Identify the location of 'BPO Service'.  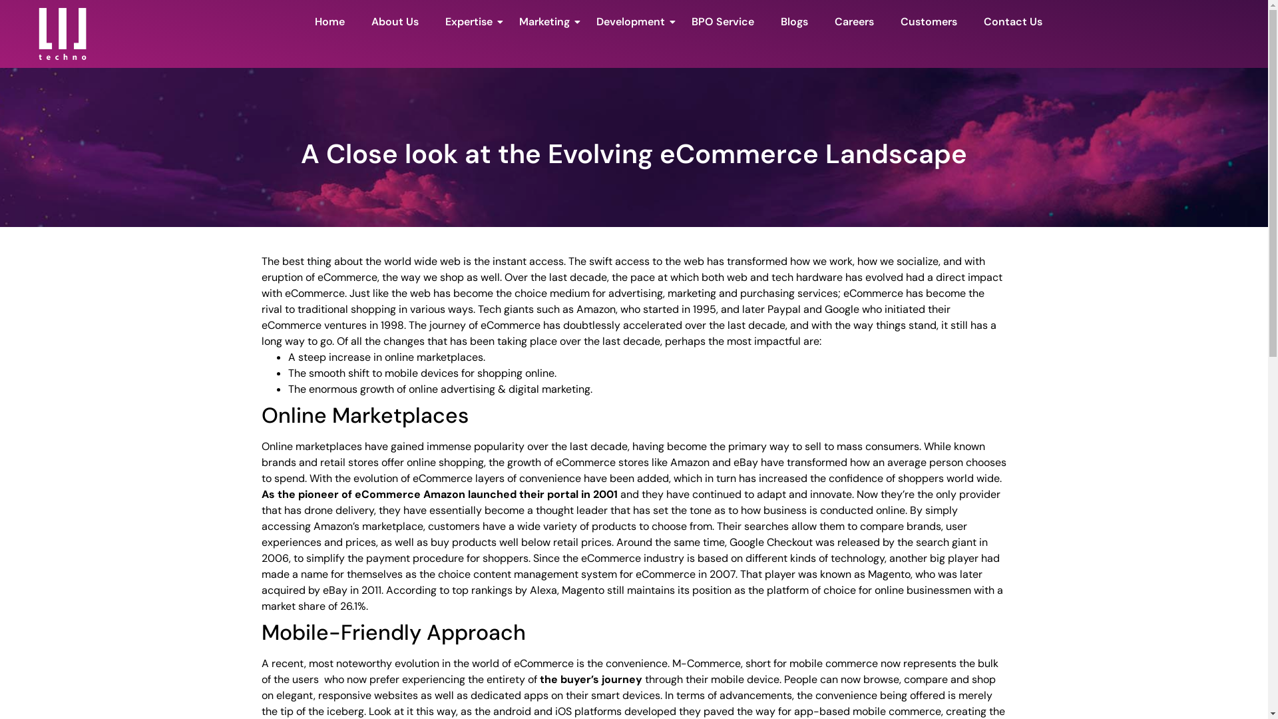
(722, 23).